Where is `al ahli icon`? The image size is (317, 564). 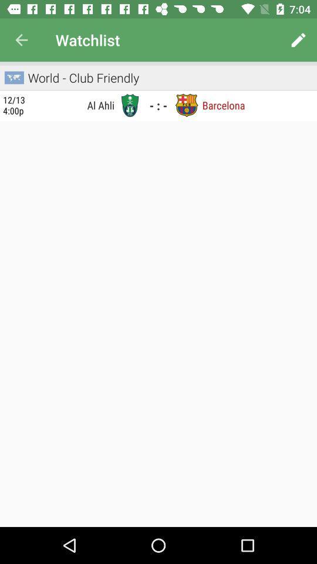
al ahli icon is located at coordinates (73, 105).